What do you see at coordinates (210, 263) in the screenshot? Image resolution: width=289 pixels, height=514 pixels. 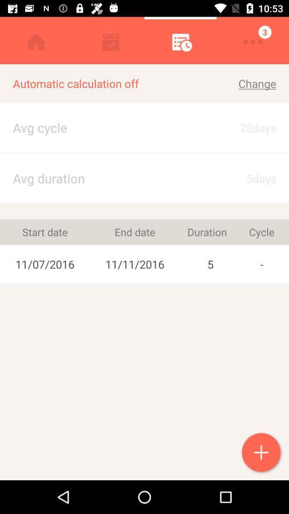 I see `the 5` at bounding box center [210, 263].